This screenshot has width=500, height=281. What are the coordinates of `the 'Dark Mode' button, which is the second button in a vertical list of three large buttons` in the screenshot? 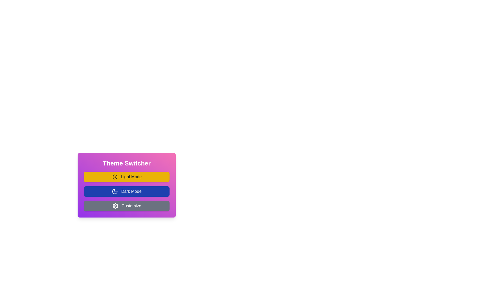 It's located at (127, 186).